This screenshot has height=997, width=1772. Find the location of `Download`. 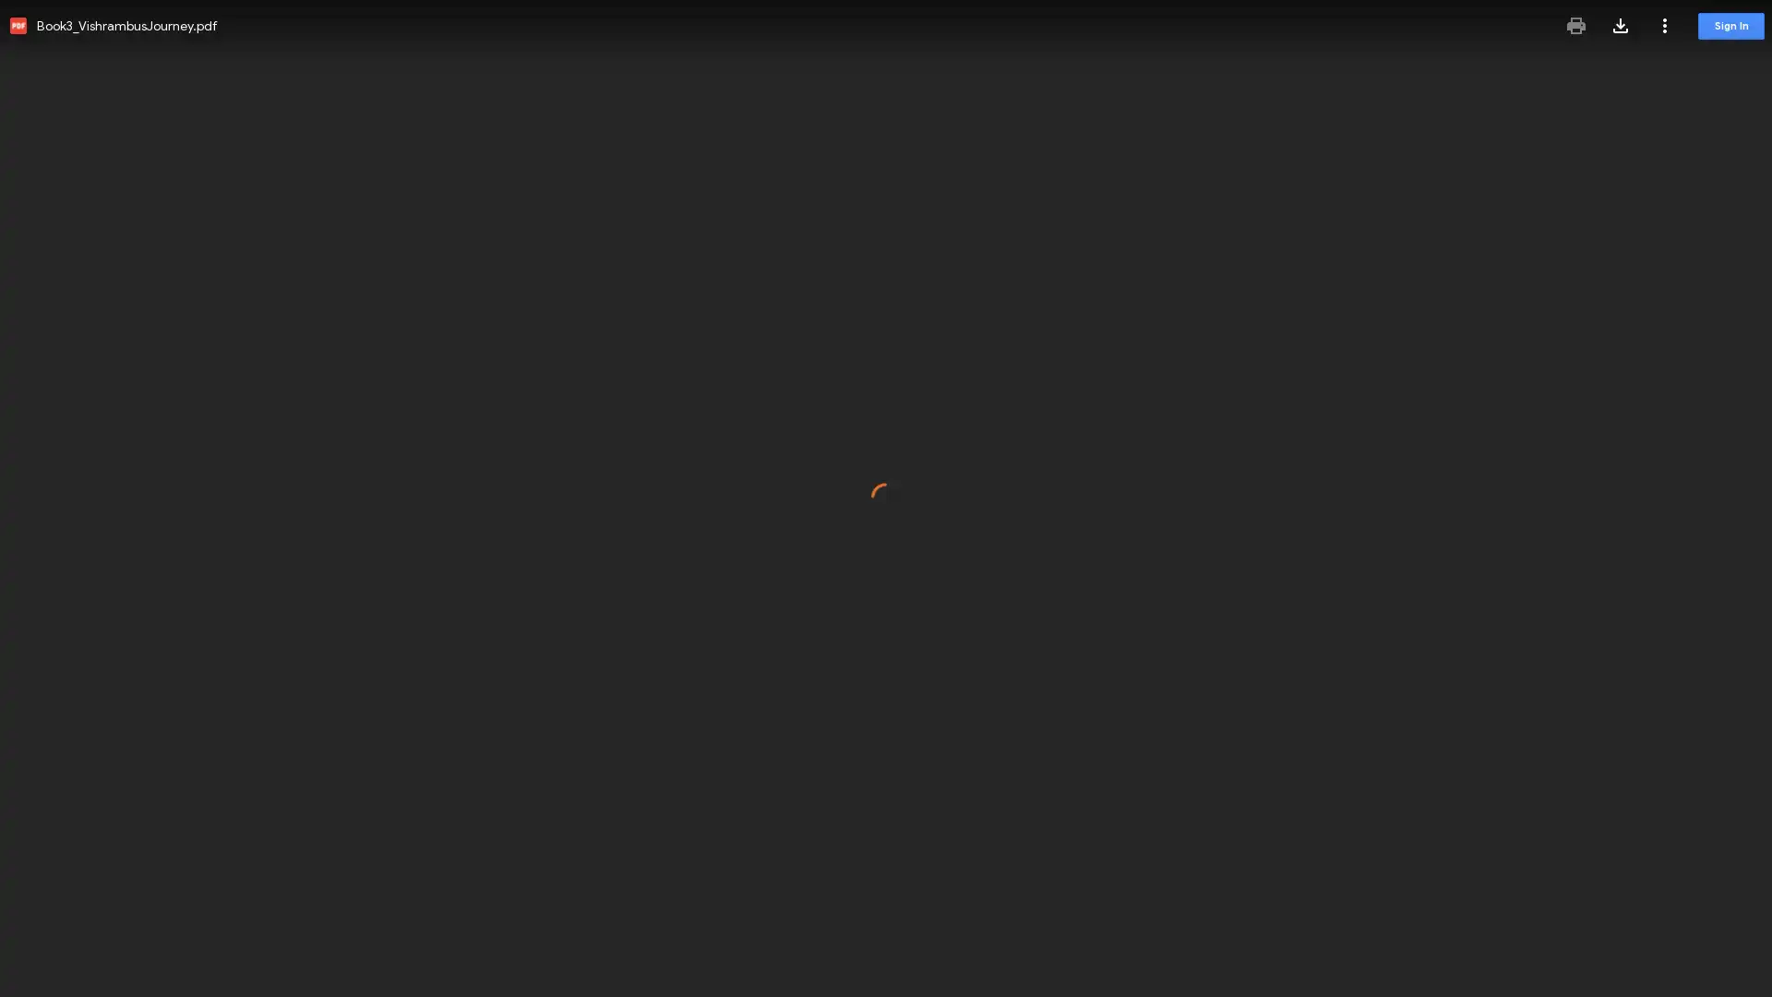

Download is located at coordinates (1620, 25).